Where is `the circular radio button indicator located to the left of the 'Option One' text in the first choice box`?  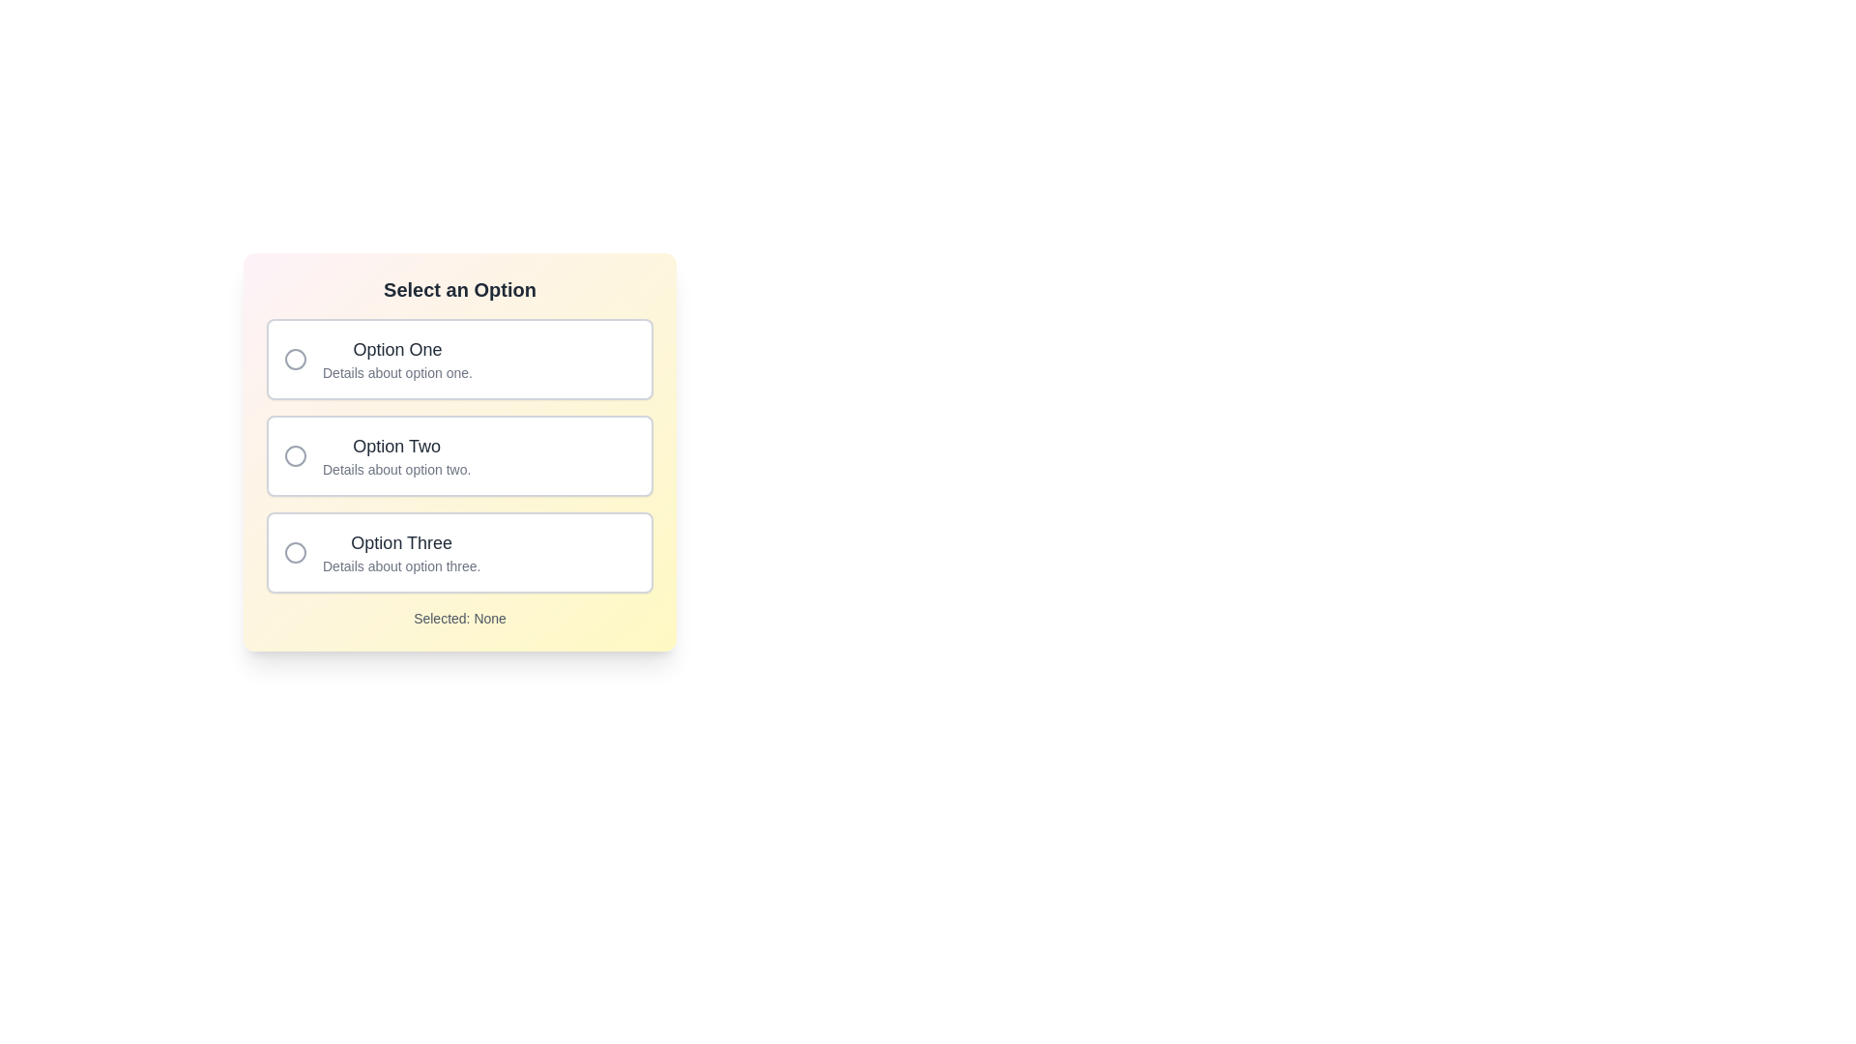 the circular radio button indicator located to the left of the 'Option One' text in the first choice box is located at coordinates (295, 359).